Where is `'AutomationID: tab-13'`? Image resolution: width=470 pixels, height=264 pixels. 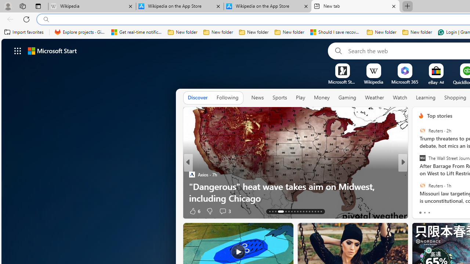
'AutomationID: tab-13' is located at coordinates (269, 212).